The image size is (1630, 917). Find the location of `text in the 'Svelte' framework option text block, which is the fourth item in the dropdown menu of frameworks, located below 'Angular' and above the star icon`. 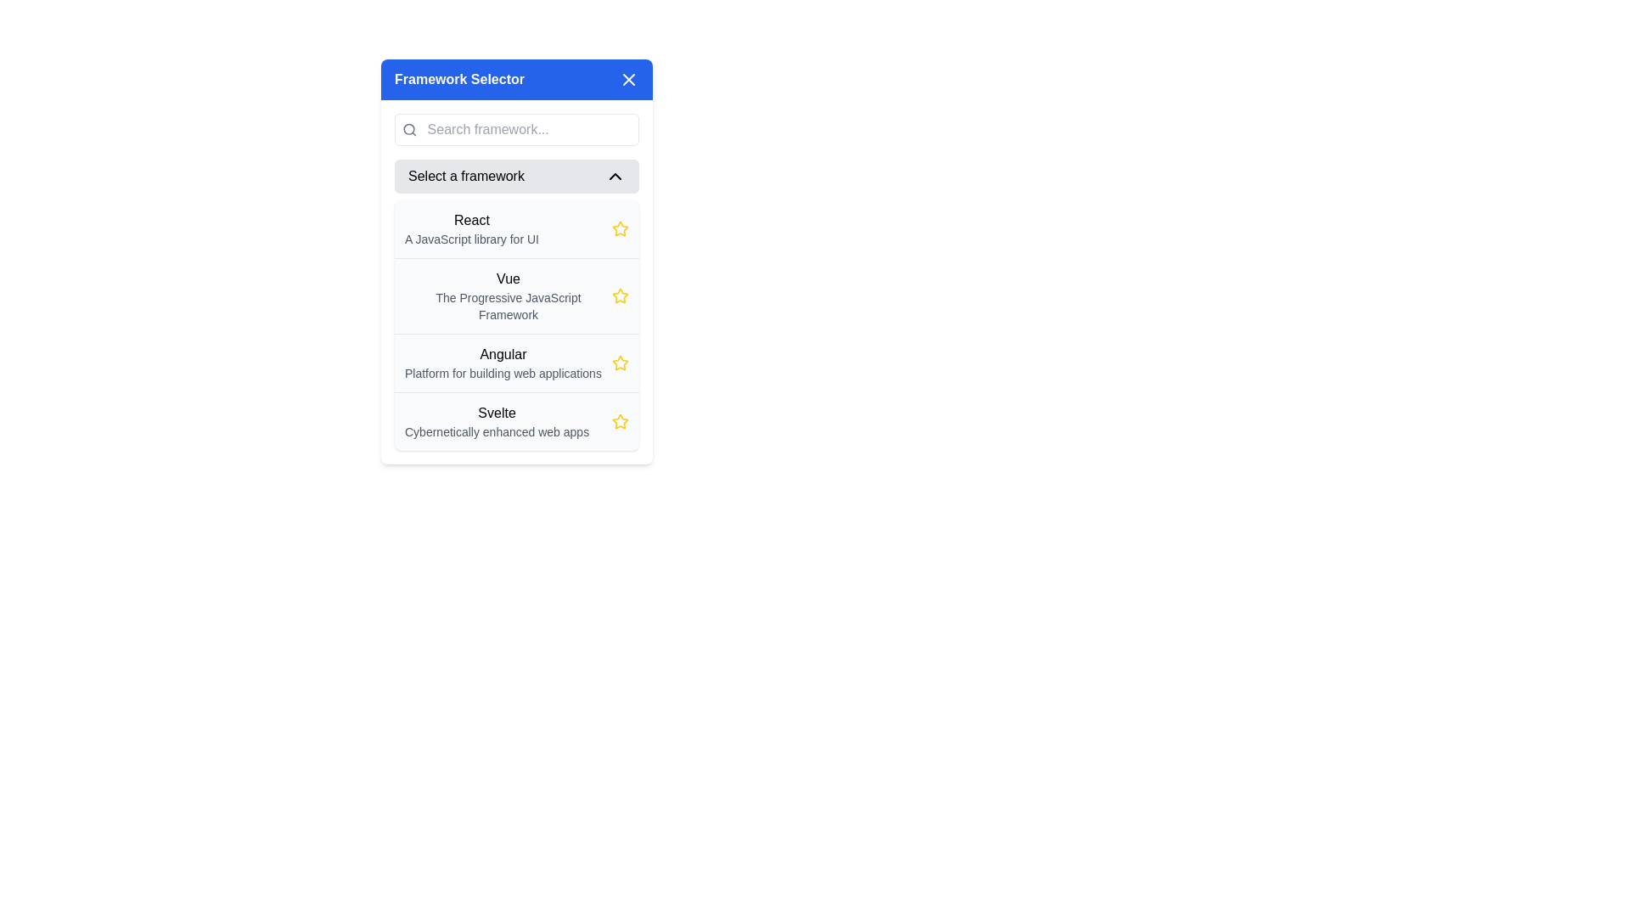

text in the 'Svelte' framework option text block, which is the fourth item in the dropdown menu of frameworks, located below 'Angular' and above the star icon is located at coordinates (496, 421).